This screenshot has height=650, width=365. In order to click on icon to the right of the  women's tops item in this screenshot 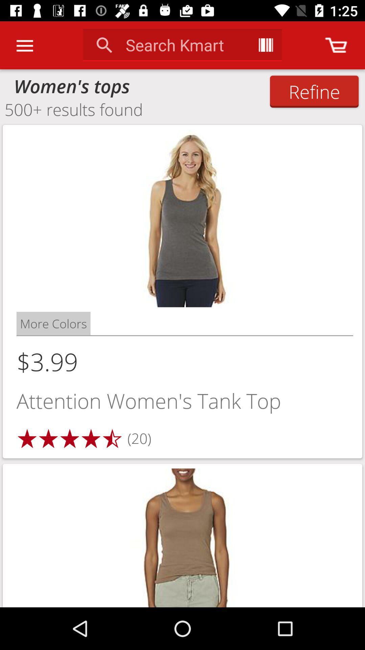, I will do `click(314, 91)`.